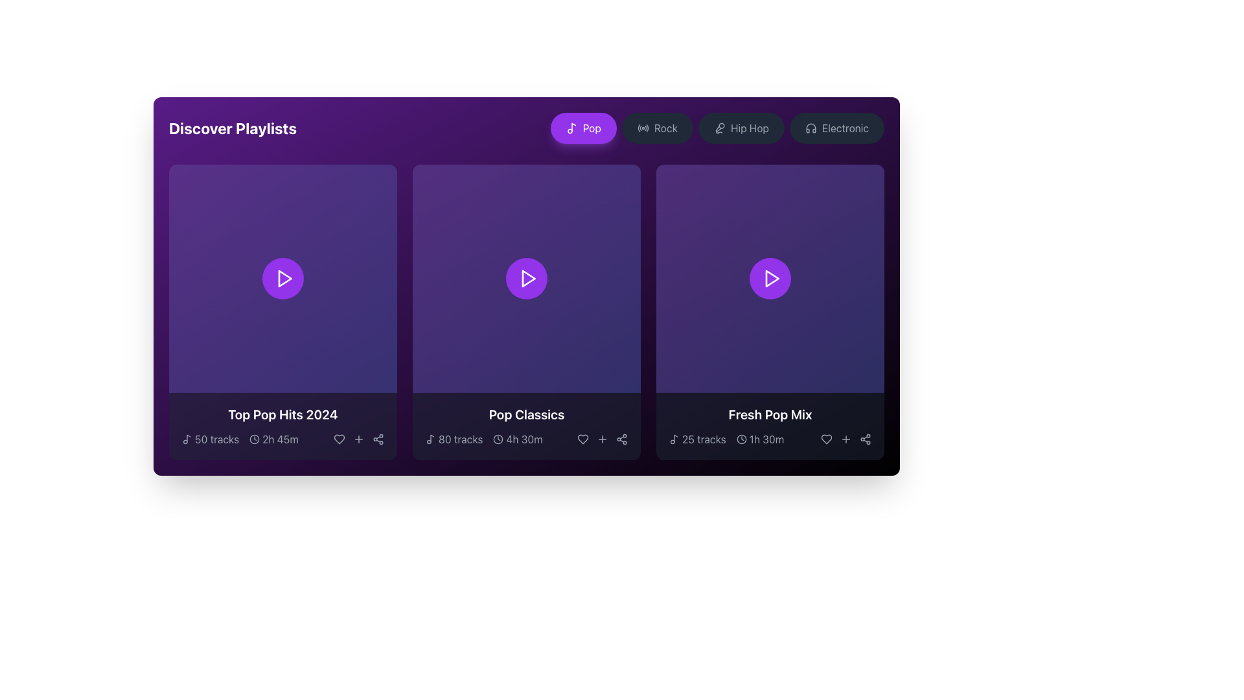  What do you see at coordinates (826, 439) in the screenshot?
I see `the first button in the row of interactive elements at the bottom of the 'Fresh Pop Mix' playlist card` at bounding box center [826, 439].